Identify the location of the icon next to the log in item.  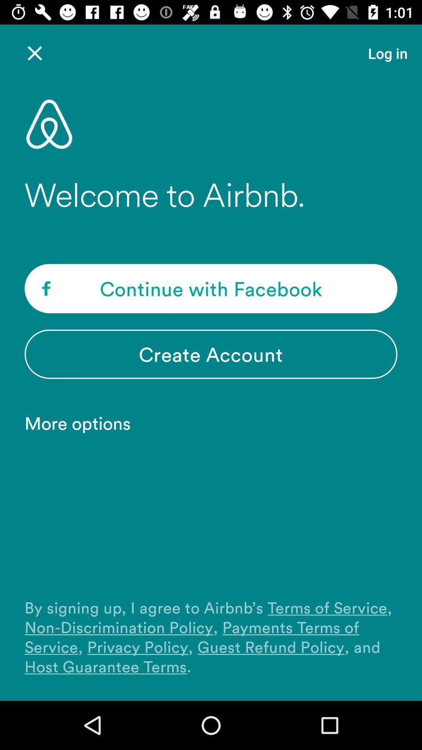
(34, 53).